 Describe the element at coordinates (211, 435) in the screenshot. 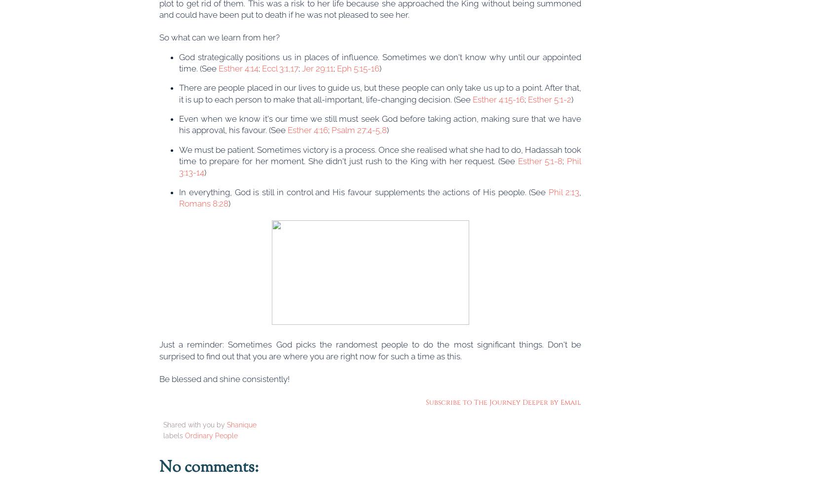

I see `'Ordinary People'` at that location.